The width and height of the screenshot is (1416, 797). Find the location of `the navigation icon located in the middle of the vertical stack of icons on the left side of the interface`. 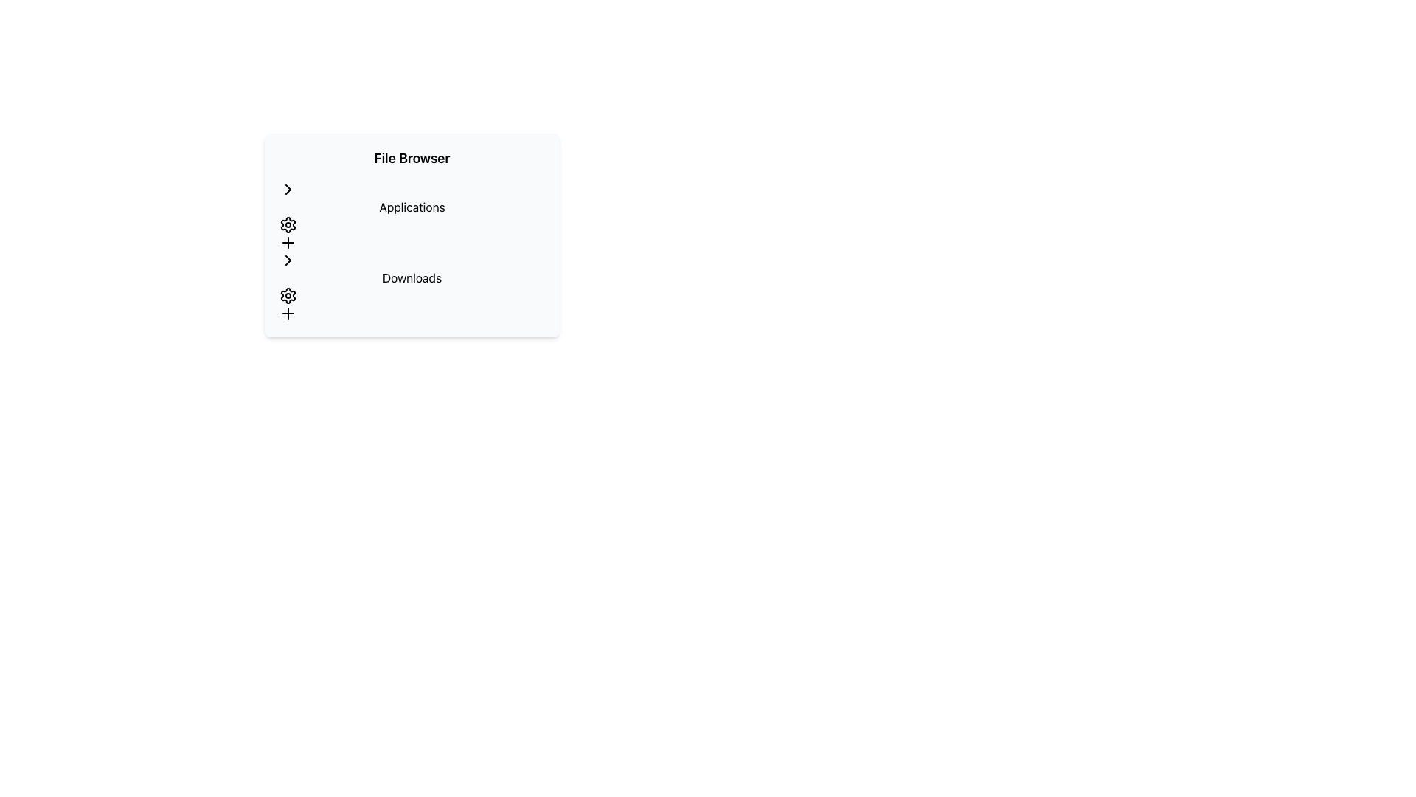

the navigation icon located in the middle of the vertical stack of icons on the left side of the interface is located at coordinates (288, 189).